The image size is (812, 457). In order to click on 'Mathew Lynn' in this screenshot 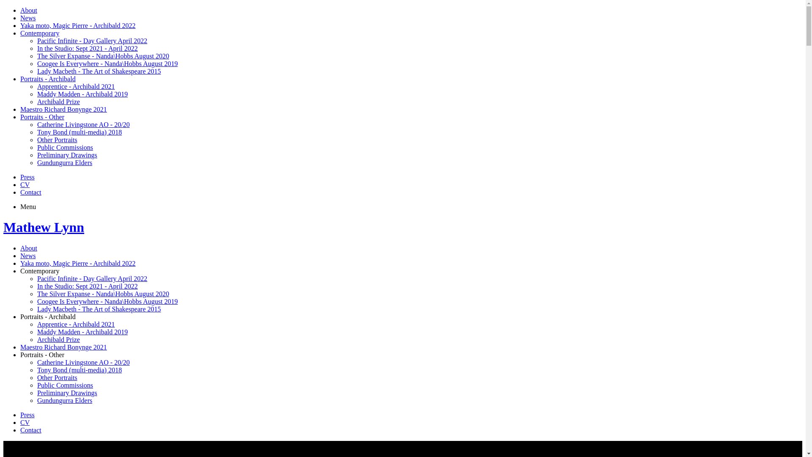, I will do `click(43, 226)`.